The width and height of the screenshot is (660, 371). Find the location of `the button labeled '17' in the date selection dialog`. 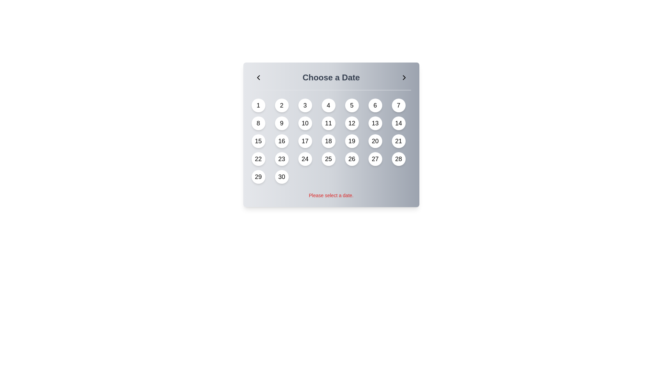

the button labeled '17' in the date selection dialog is located at coordinates (305, 141).